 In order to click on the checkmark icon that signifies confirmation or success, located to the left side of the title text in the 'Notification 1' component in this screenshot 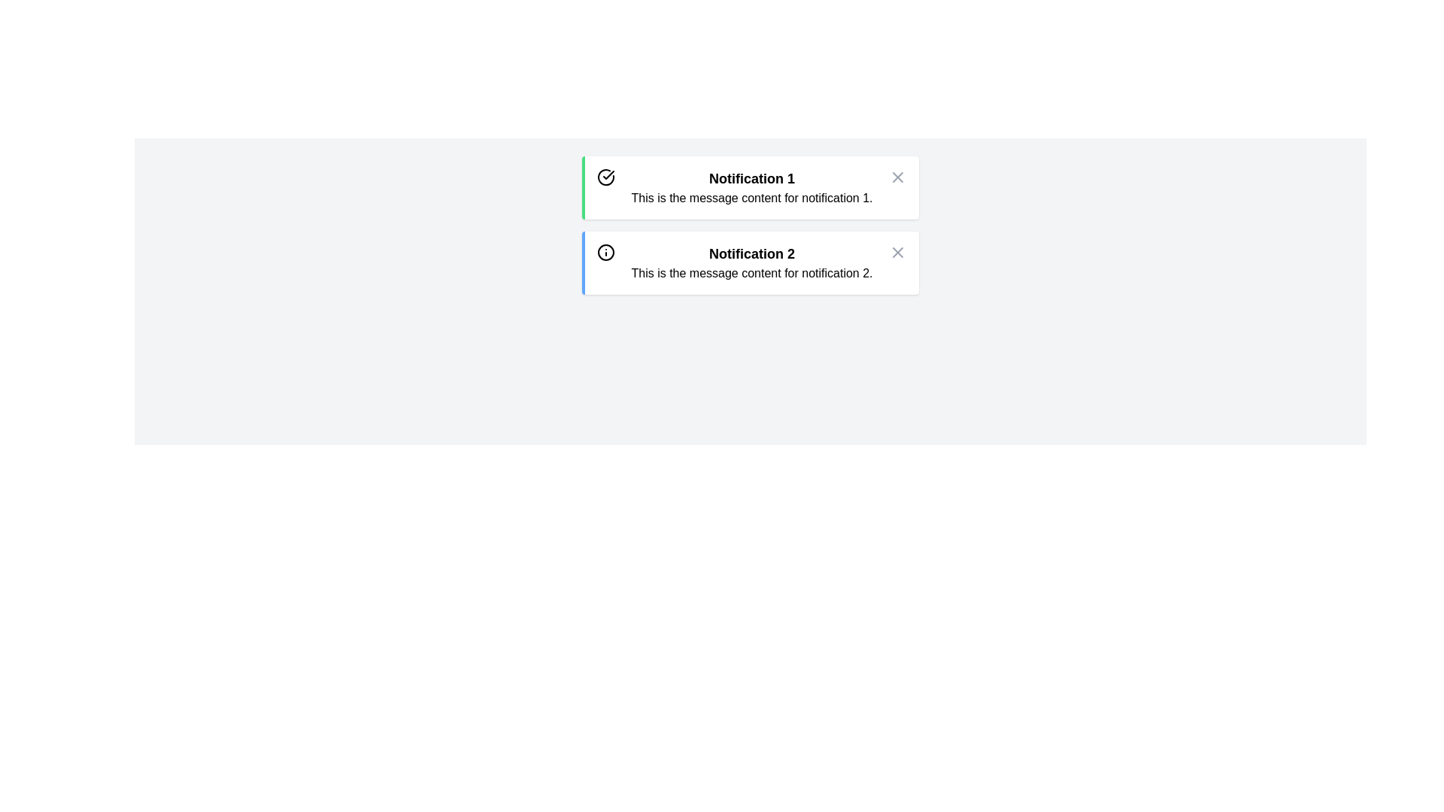, I will do `click(608, 174)`.